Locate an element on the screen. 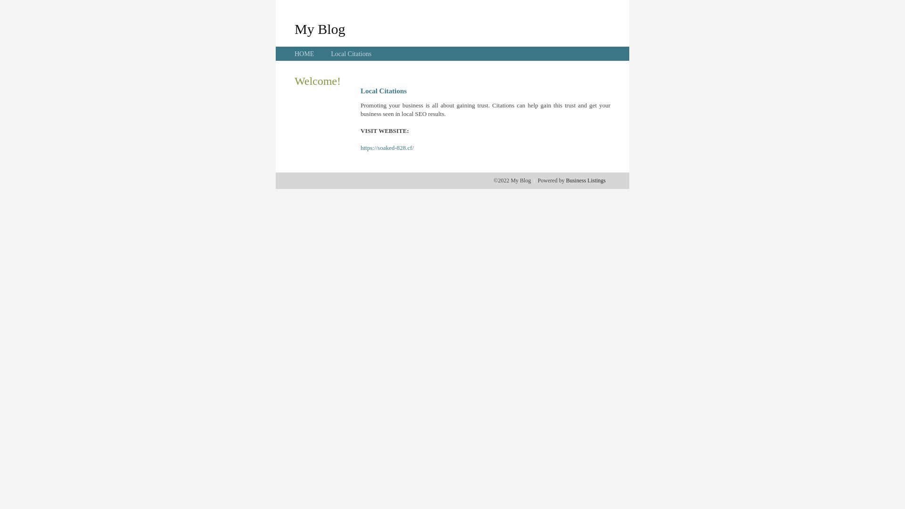 The height and width of the screenshot is (509, 905). 'https://soaked-828.cf/' is located at coordinates (387, 148).